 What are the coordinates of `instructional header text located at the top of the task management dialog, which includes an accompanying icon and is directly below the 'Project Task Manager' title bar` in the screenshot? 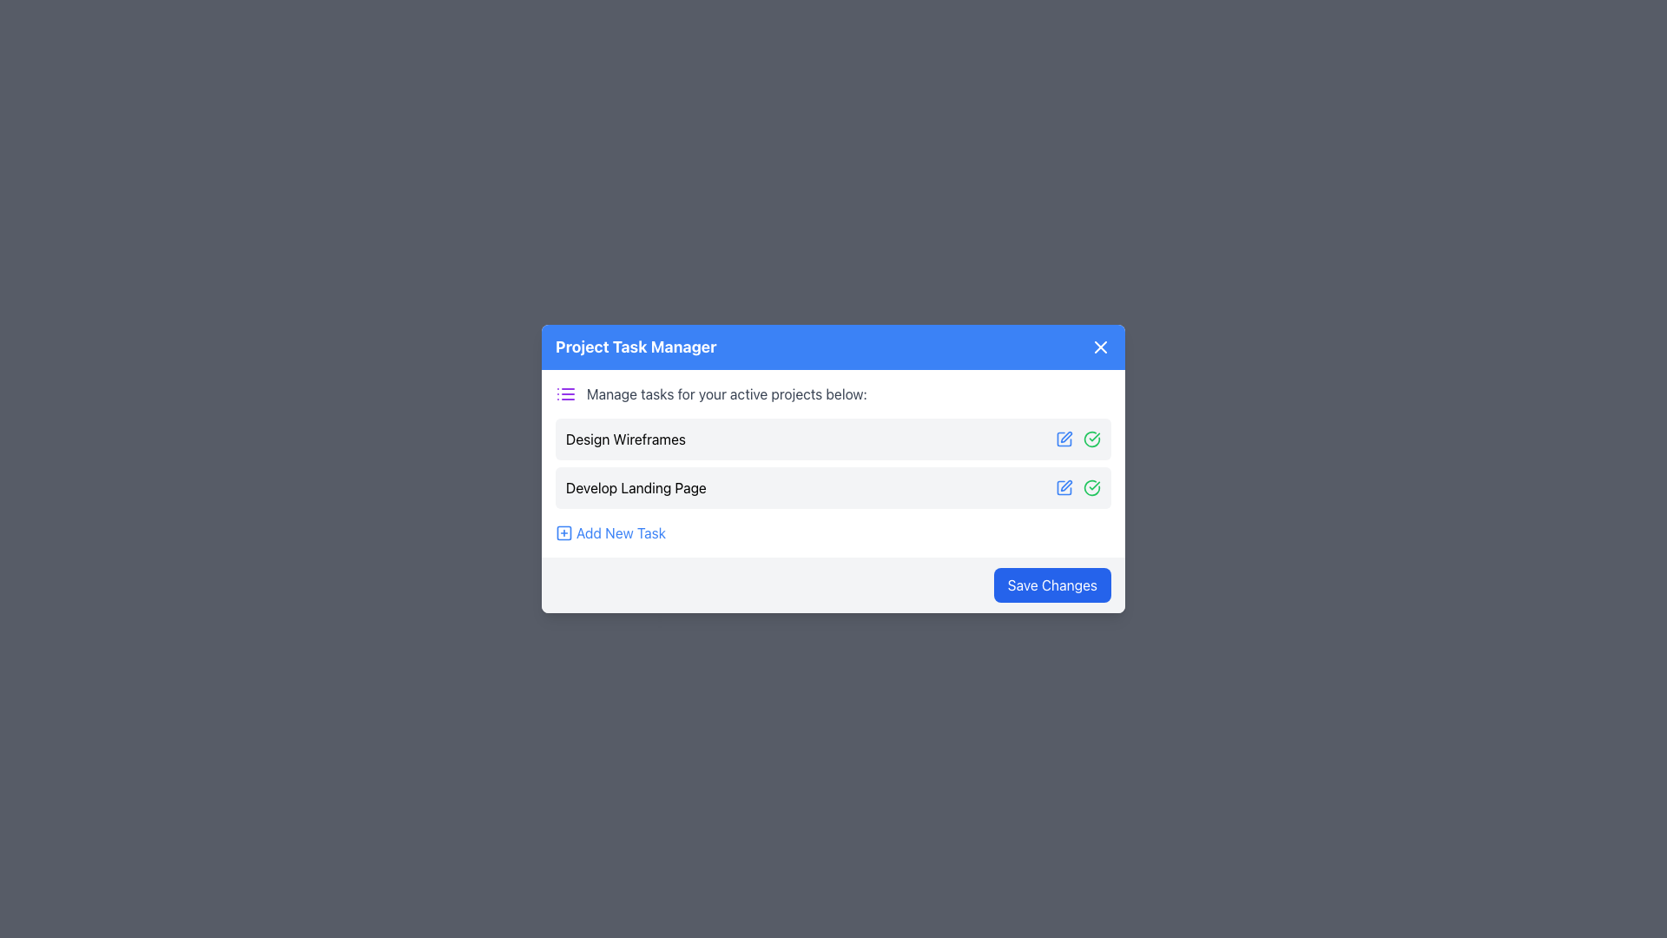 It's located at (833, 394).